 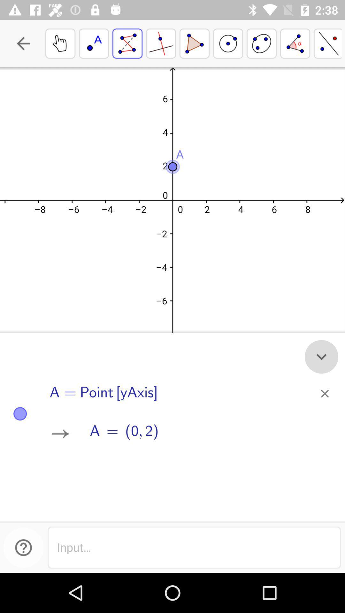 I want to click on the fifth box from the top right corner, so click(x=194, y=43).